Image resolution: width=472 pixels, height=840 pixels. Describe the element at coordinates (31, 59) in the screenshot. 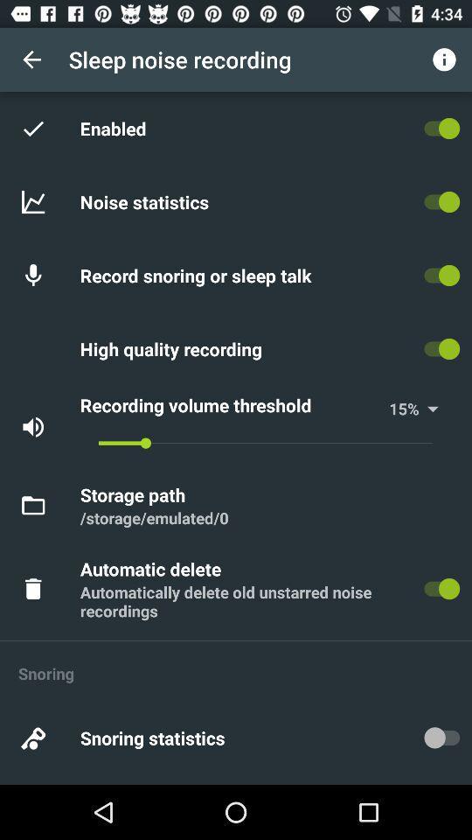

I see `the icon next to the sleep noise recording item` at that location.